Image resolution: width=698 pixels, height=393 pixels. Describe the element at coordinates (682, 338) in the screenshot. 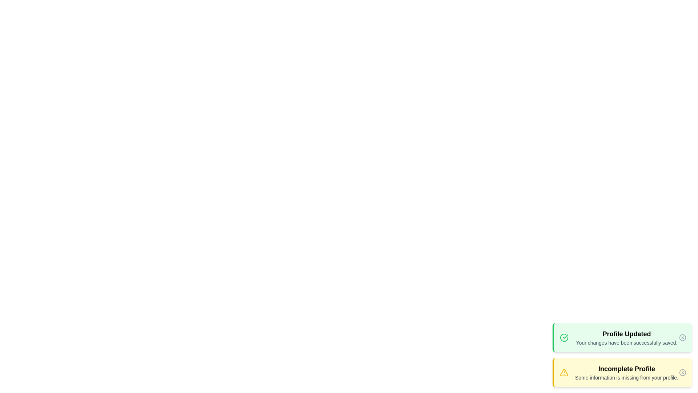

I see `the close button of the notification to dismiss it` at that location.